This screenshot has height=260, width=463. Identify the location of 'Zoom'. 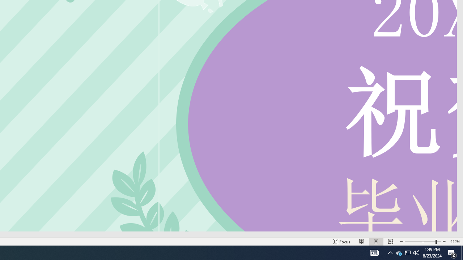
(422, 242).